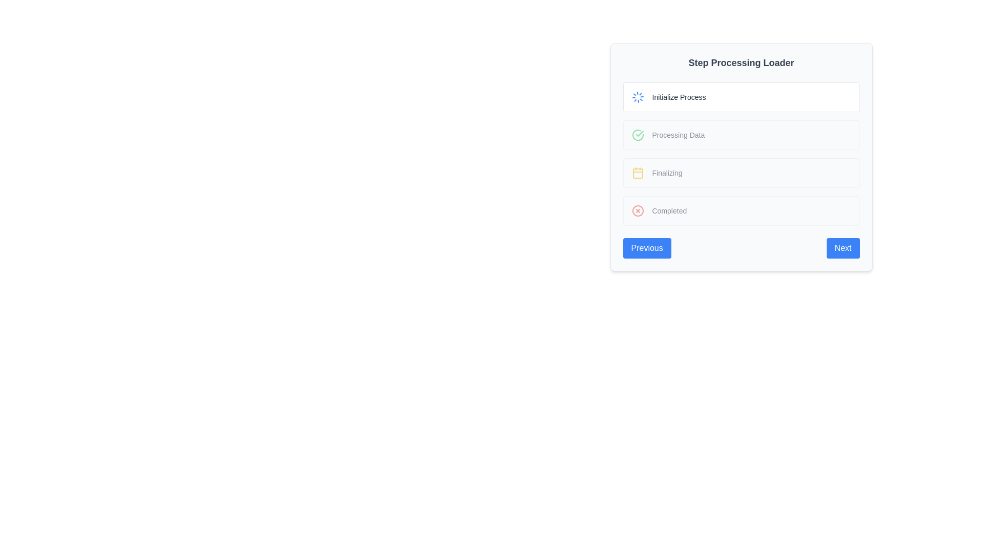  Describe the element at coordinates (678, 134) in the screenshot. I see `the Text Label that indicates the current status of a process, specifically showing that data processing is underway, located in the center-right section of the interface` at that location.